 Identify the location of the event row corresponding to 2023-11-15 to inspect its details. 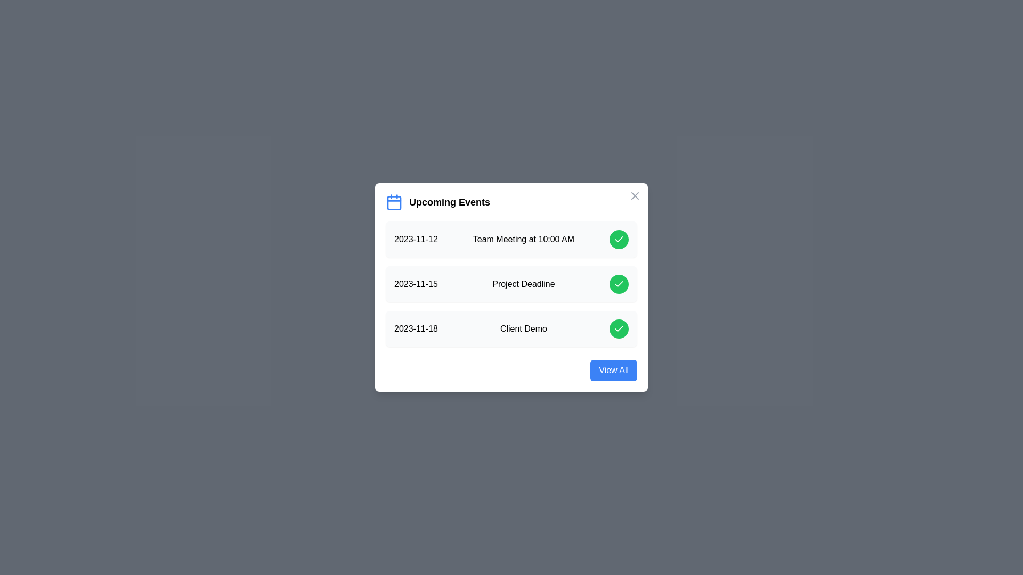
(511, 283).